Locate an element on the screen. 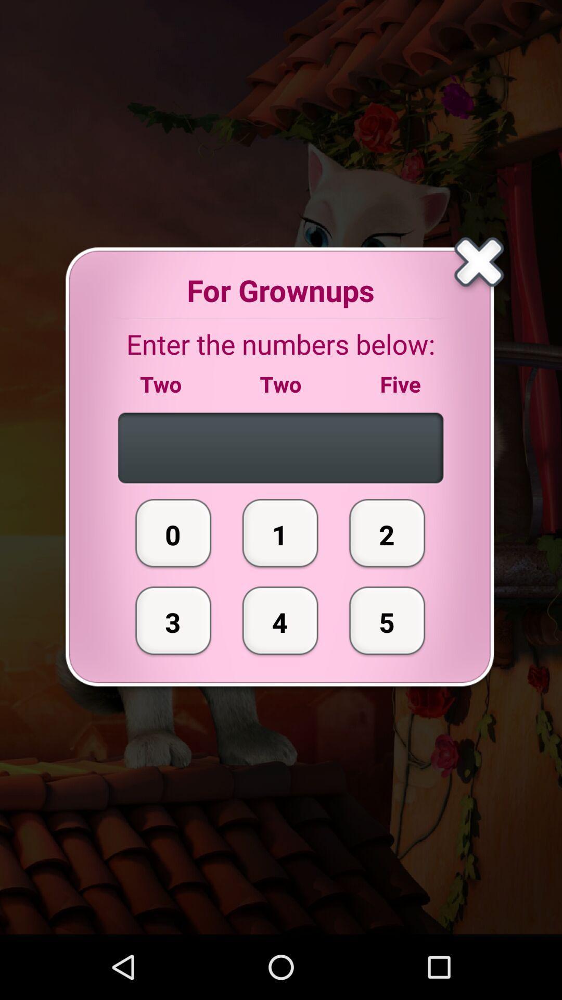 The image size is (562, 1000). the 1 item is located at coordinates (280, 533).